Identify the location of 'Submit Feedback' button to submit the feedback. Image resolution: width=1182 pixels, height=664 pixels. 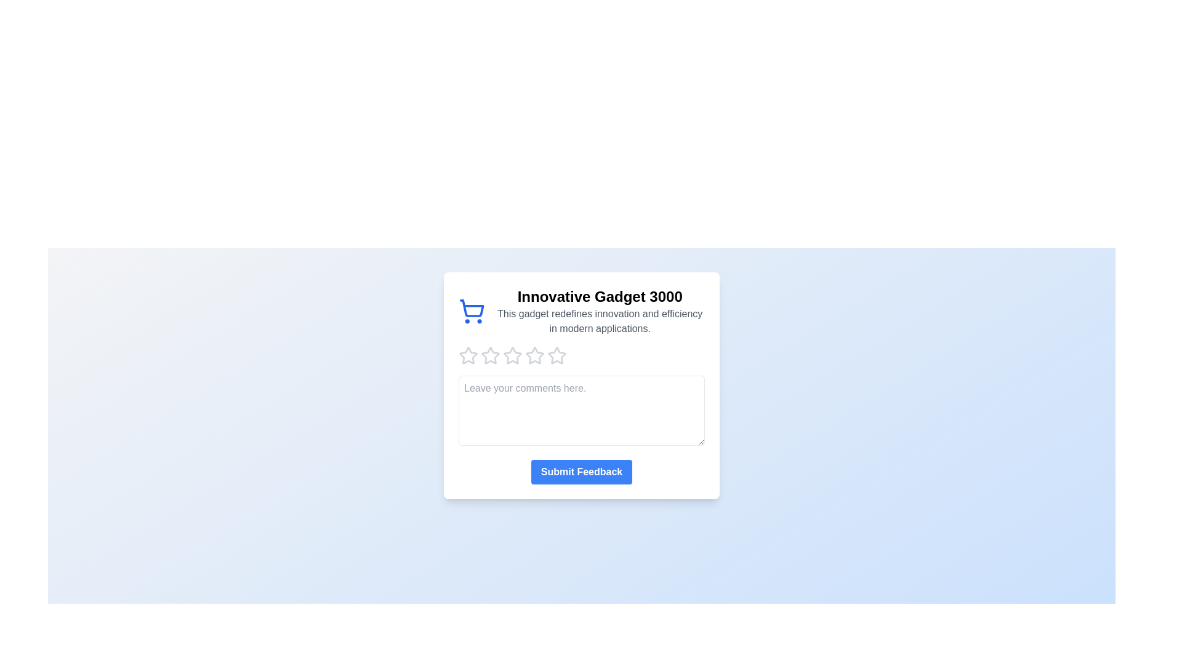
(581, 471).